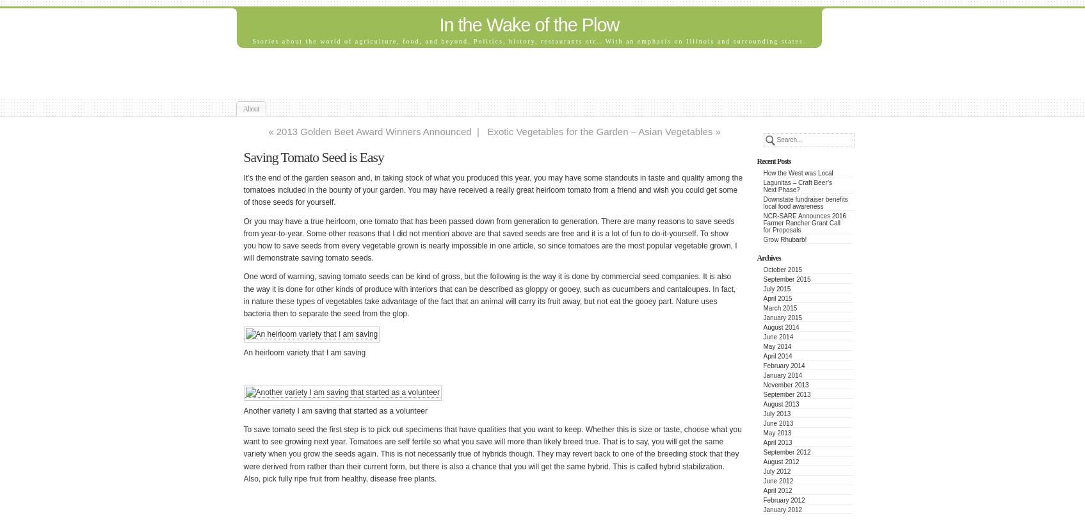  Describe the element at coordinates (780, 308) in the screenshot. I see `'March 2015'` at that location.